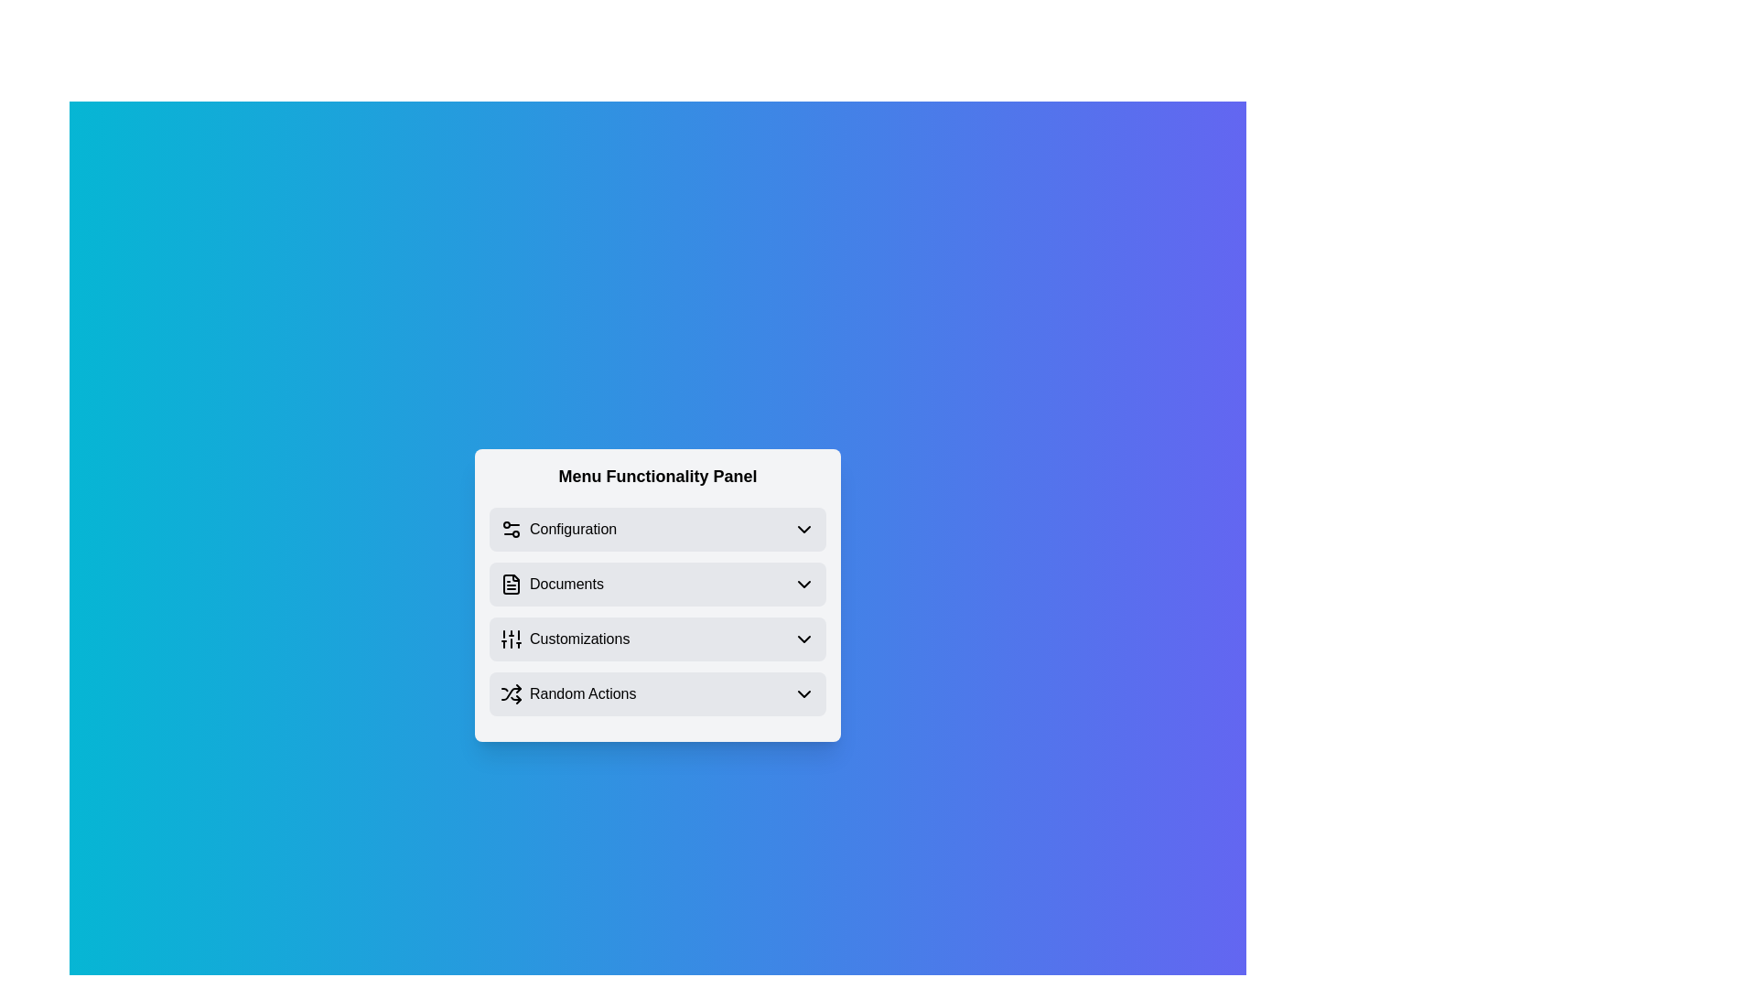 The image size is (1757, 988). Describe the element at coordinates (511, 694) in the screenshot. I see `the icon associated with the menu item Random Actions` at that location.